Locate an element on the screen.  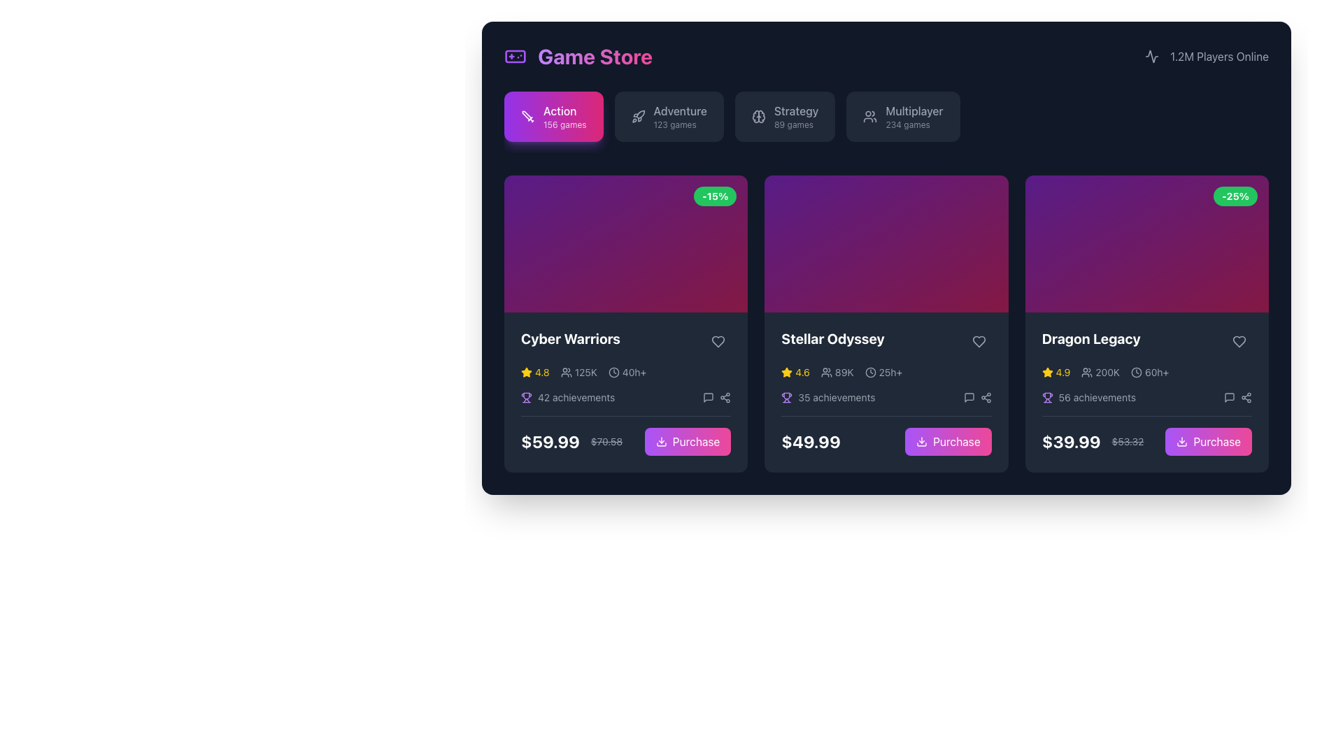
the Label displaying the estimated playtime for the 'Dragon Legacy' game, located in the gameplay details section below the header, between player count and achievement details is located at coordinates (1150, 371).